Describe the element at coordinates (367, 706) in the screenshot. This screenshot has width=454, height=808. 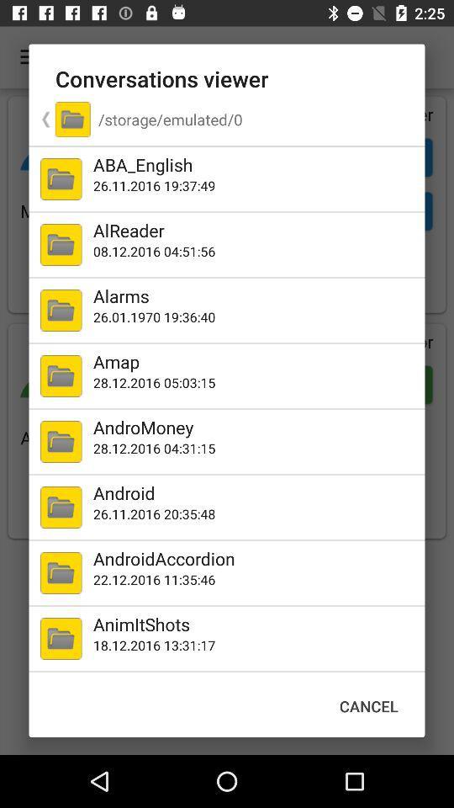
I see `cancel` at that location.